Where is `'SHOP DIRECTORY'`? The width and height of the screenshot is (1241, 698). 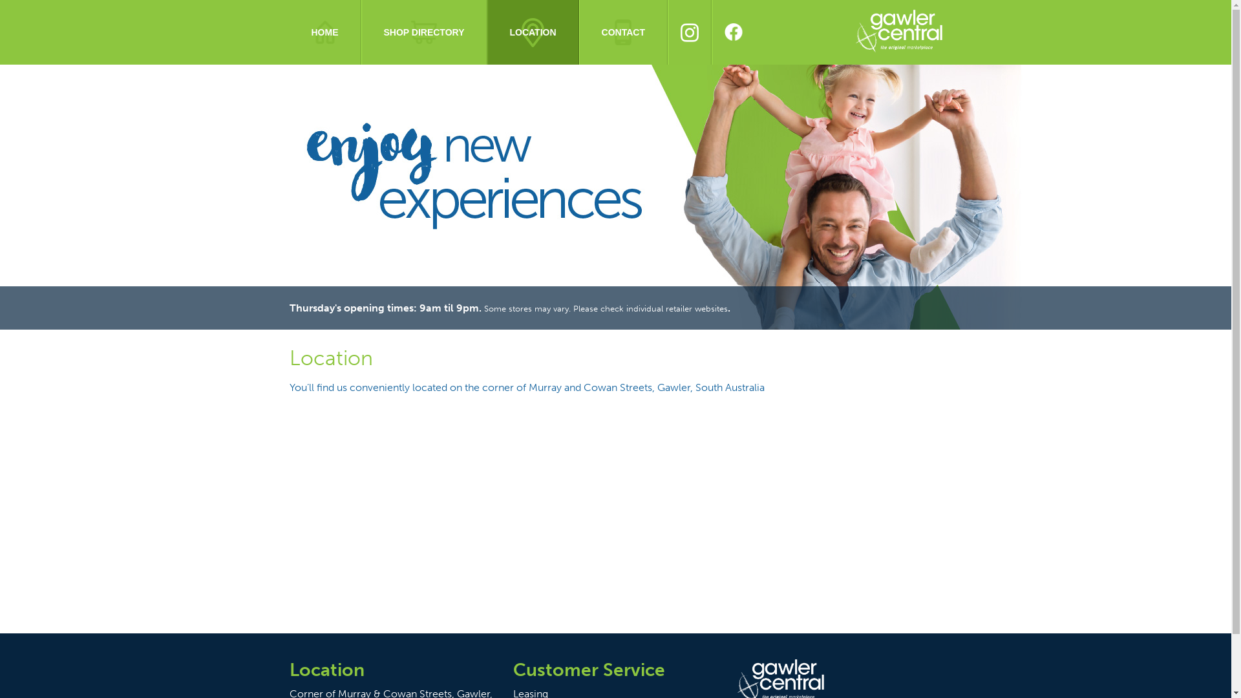 'SHOP DIRECTORY' is located at coordinates (360, 32).